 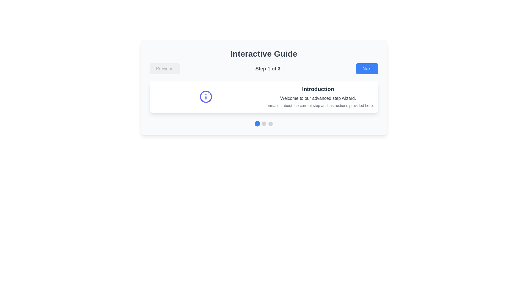 I want to click on the inactive gray circular indicator located between a blue circle and another gray circle, so click(x=263, y=124).